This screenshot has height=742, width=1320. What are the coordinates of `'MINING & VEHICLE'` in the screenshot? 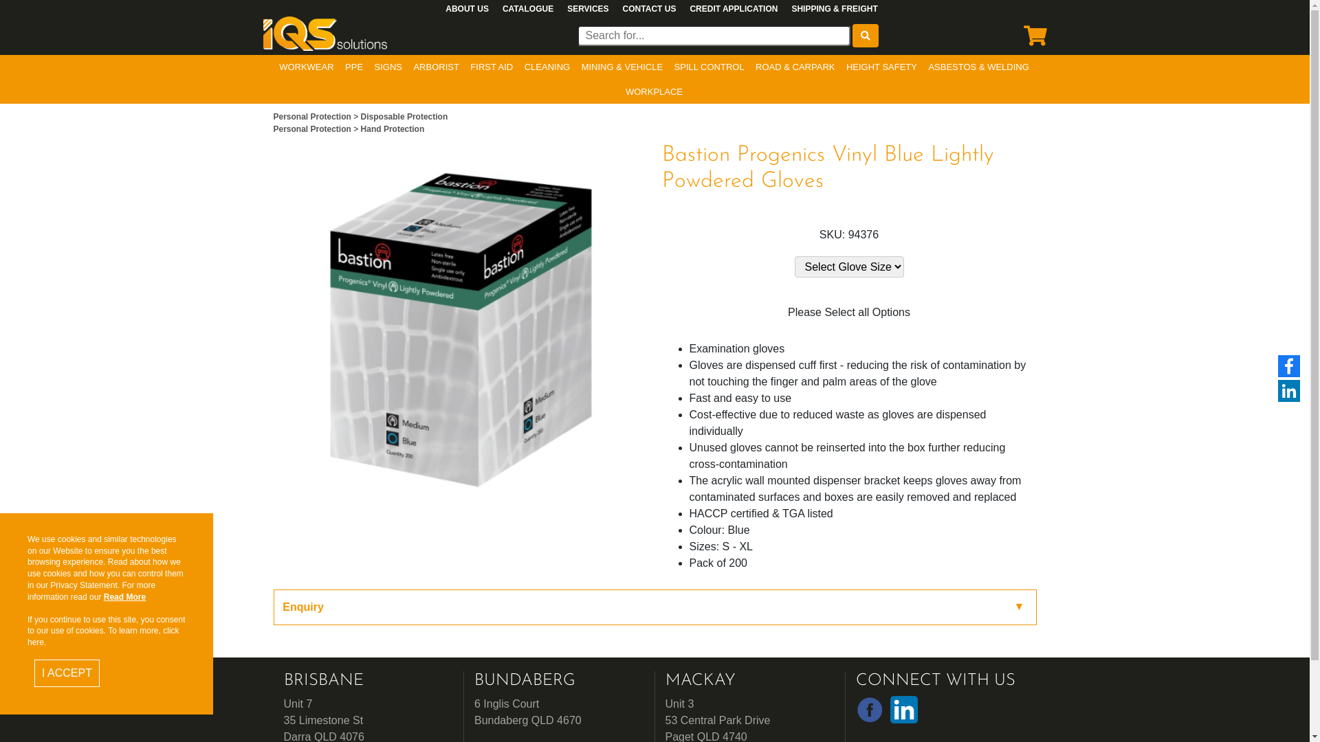 It's located at (621, 67).